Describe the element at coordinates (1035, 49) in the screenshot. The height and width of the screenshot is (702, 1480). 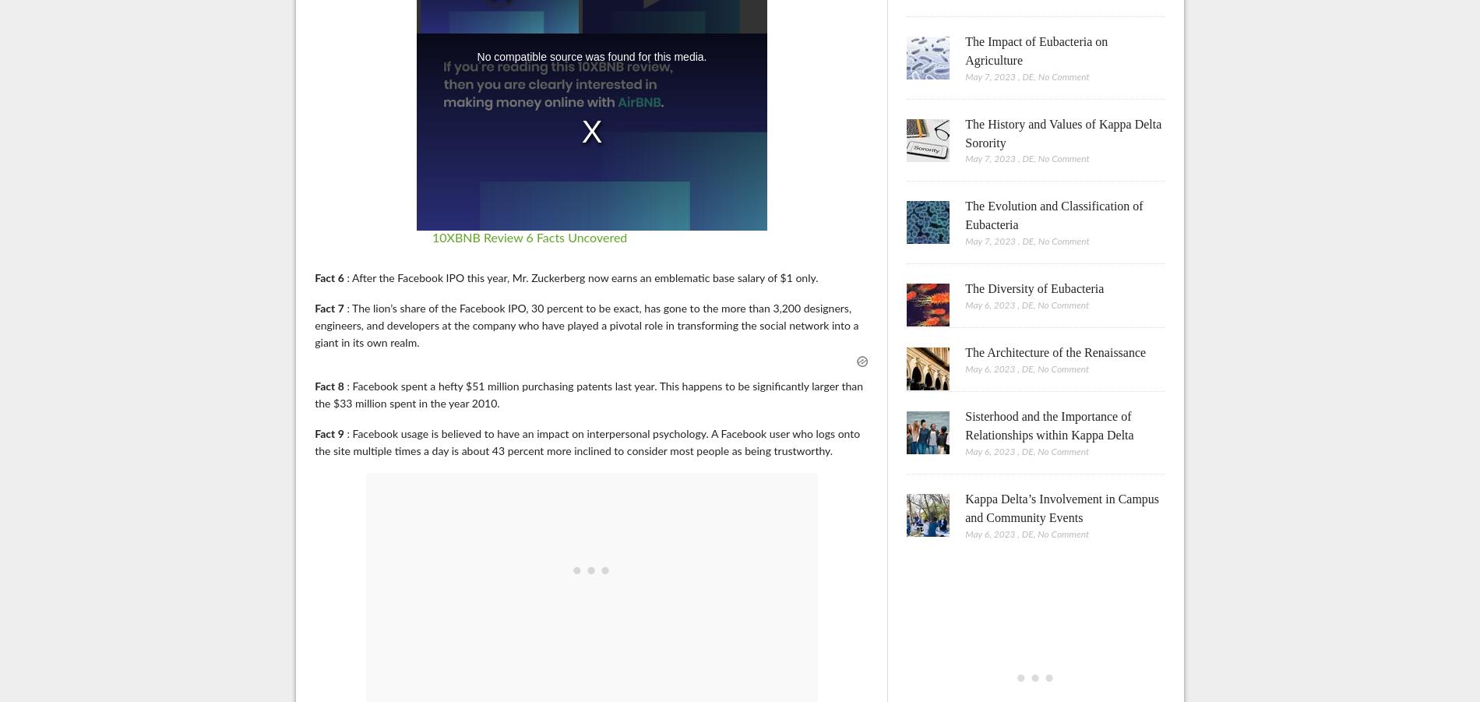
I see `'The Impact of Eubacteria on Agriculture'` at that location.